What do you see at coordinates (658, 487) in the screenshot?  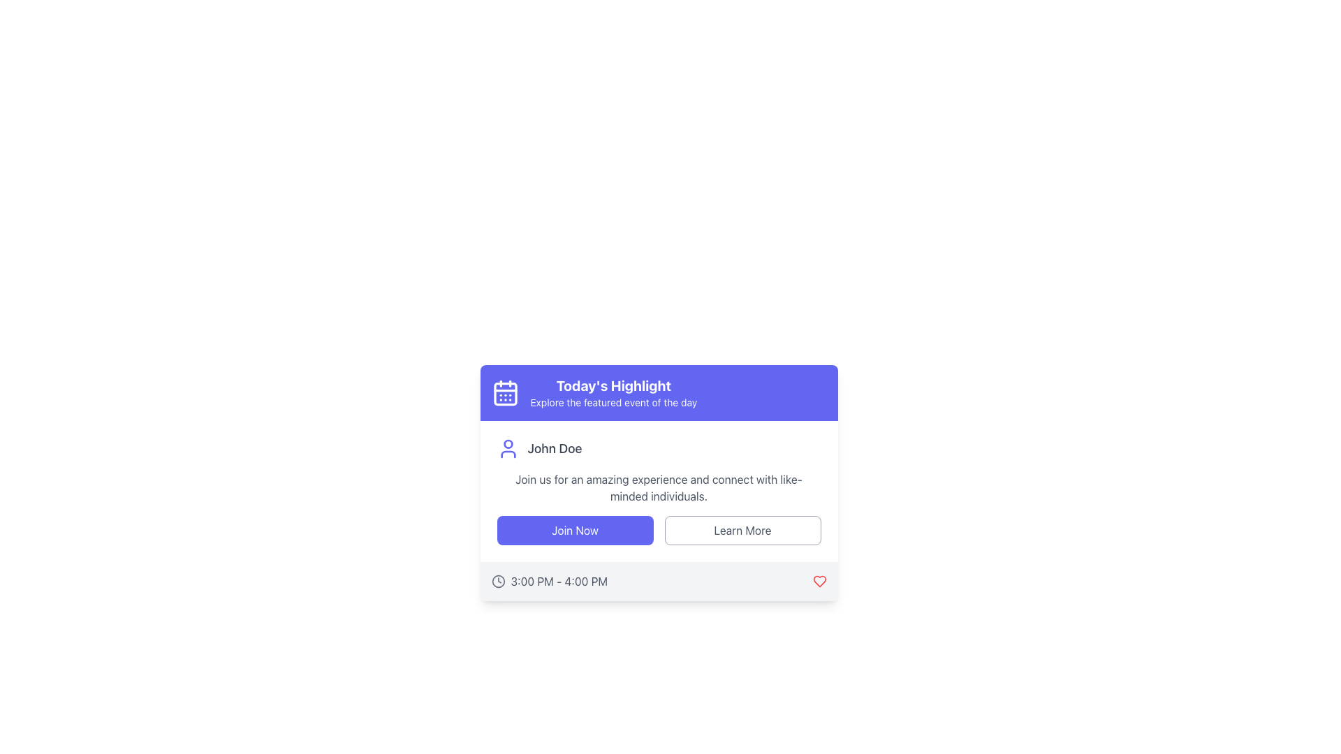 I see `the text element located below 'John Doe' and above the buttons labeled 'Join Now' and 'Learn More' within the card-like section` at bounding box center [658, 487].